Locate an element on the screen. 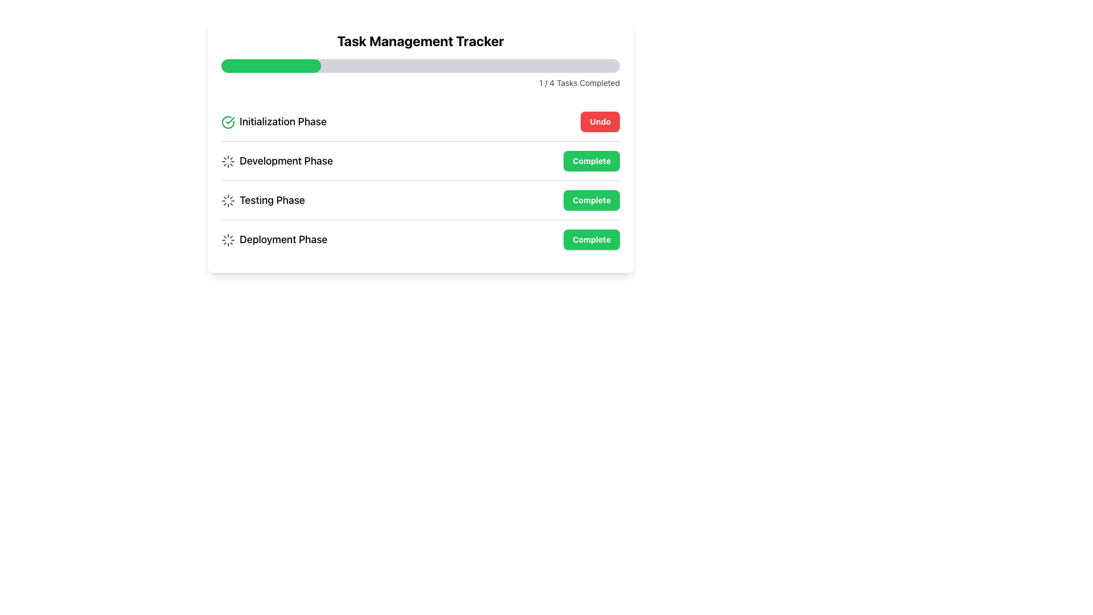 The image size is (1093, 615). the 'Testing Phase' text label with an associated icon, which is the third item in a vertical task list, positioned between 'Development Phase' and 'Deployment Phase' is located at coordinates (262, 199).